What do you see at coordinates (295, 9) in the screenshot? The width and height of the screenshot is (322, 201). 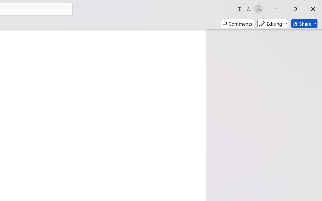 I see `'Restore Down'` at bounding box center [295, 9].